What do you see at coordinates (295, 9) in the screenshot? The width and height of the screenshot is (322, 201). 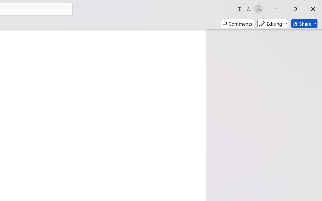 I see `'Restore Down'` at bounding box center [295, 9].